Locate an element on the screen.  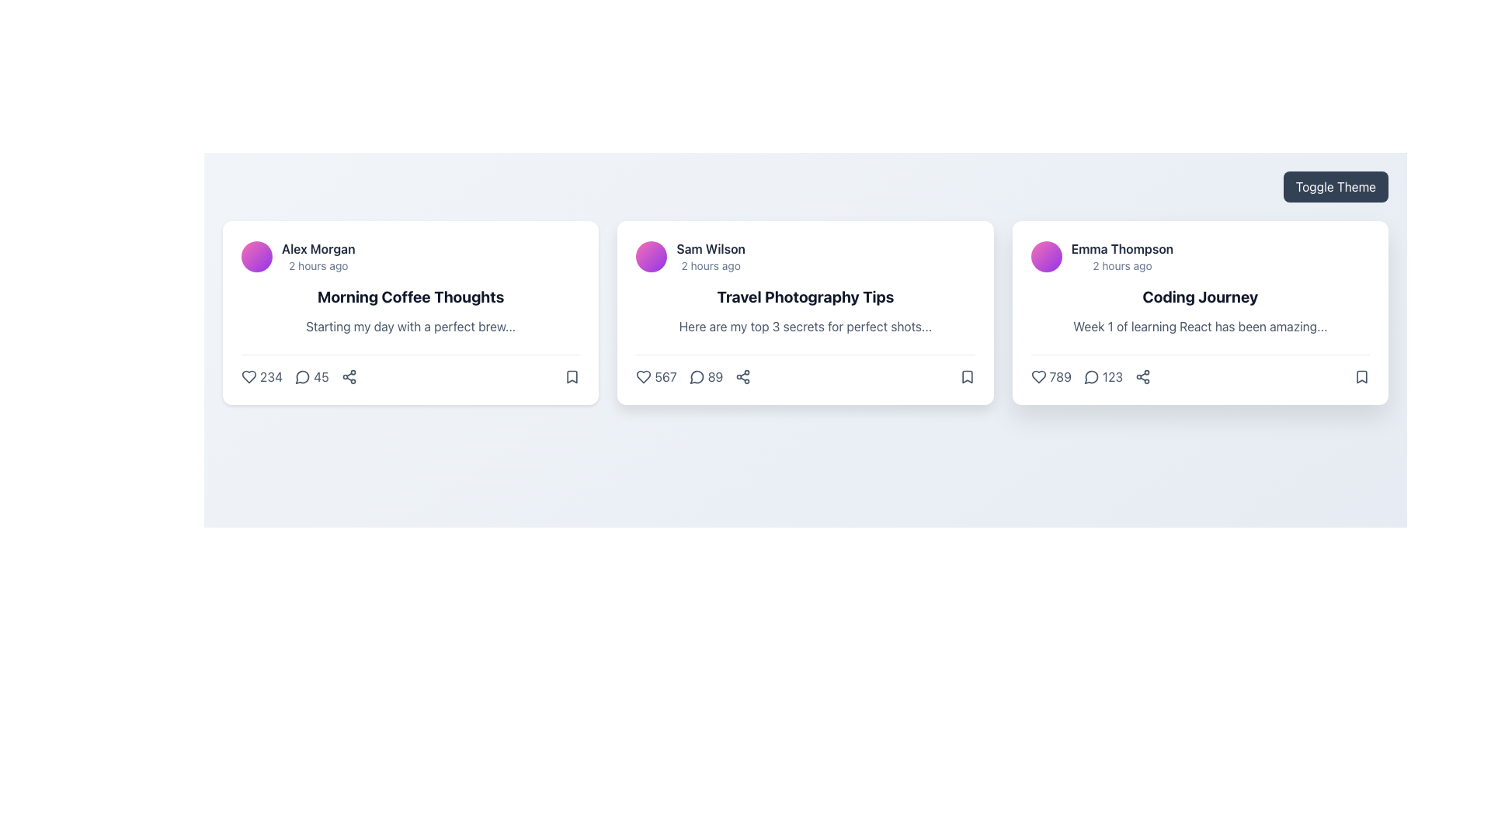
the 'Alex Morgan' text label, which is styled with a bold and larger font, located above the '2 hours ago' text in the top-left section of the first content card is located at coordinates (318, 248).